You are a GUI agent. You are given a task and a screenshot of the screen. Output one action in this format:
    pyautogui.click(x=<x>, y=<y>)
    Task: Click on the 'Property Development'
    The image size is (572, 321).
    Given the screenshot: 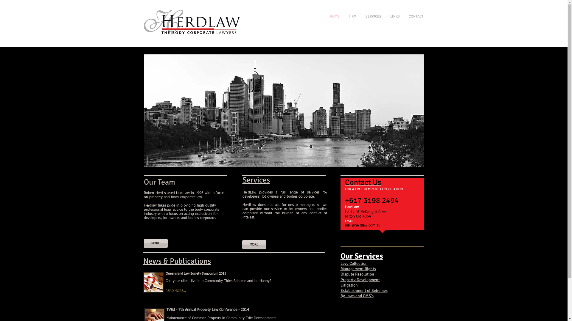 What is the action you would take?
    pyautogui.click(x=360, y=279)
    